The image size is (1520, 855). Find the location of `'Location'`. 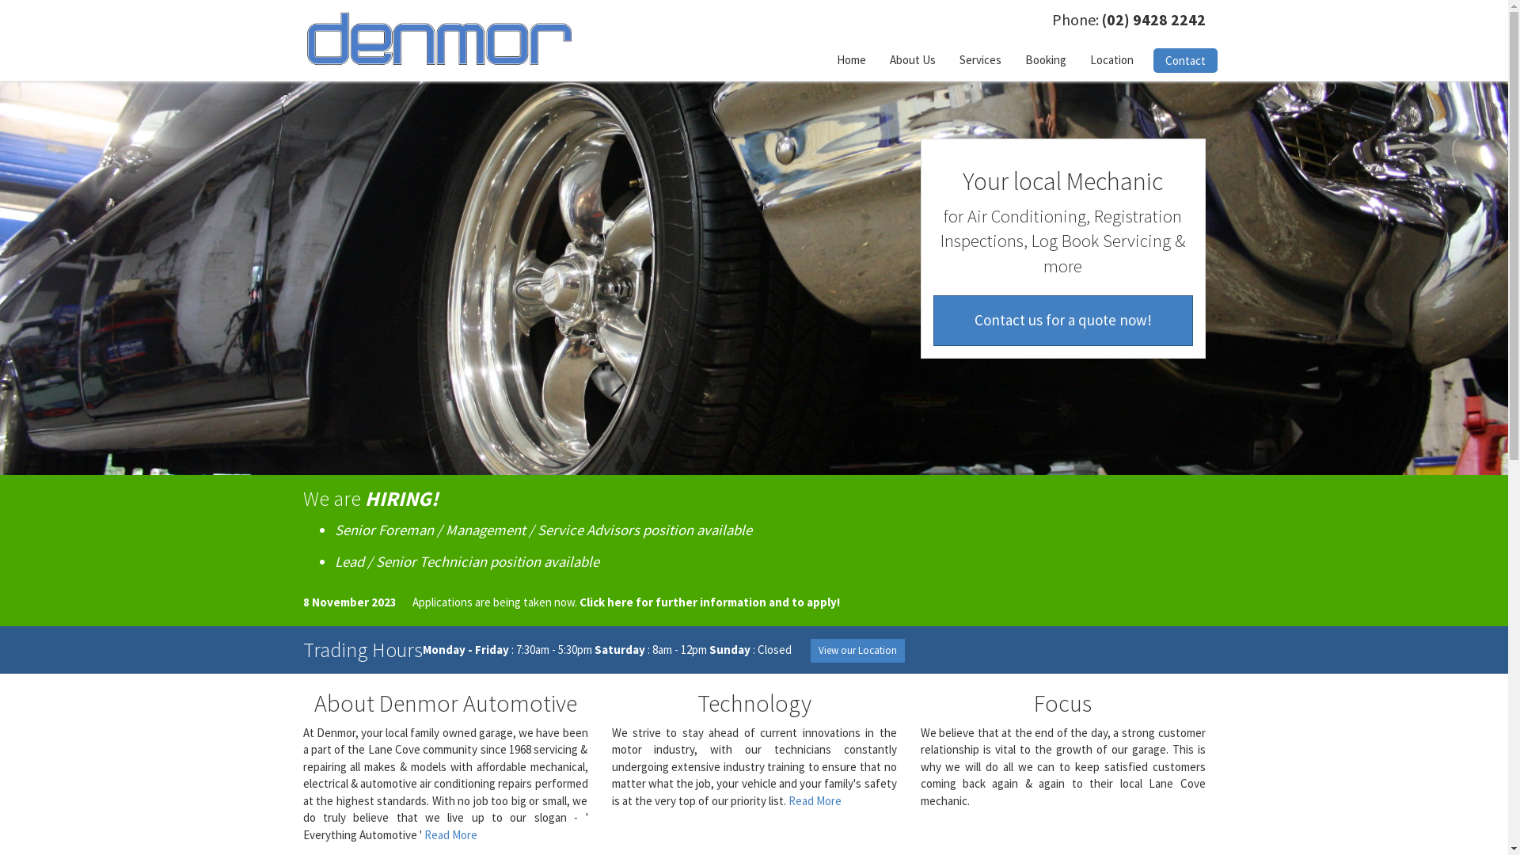

'Location' is located at coordinates (1111, 59).